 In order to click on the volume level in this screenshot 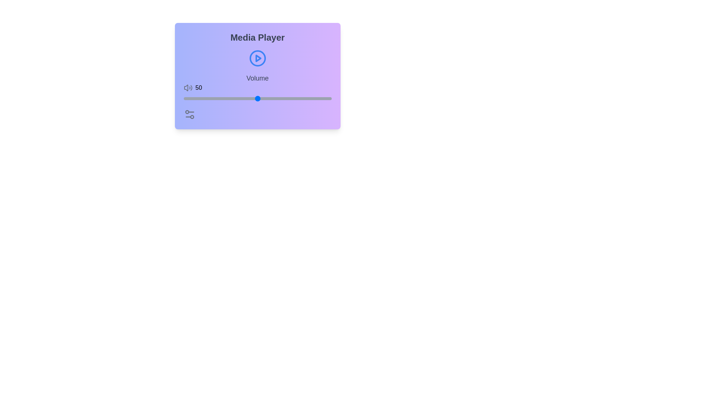, I will do `click(201, 98)`.